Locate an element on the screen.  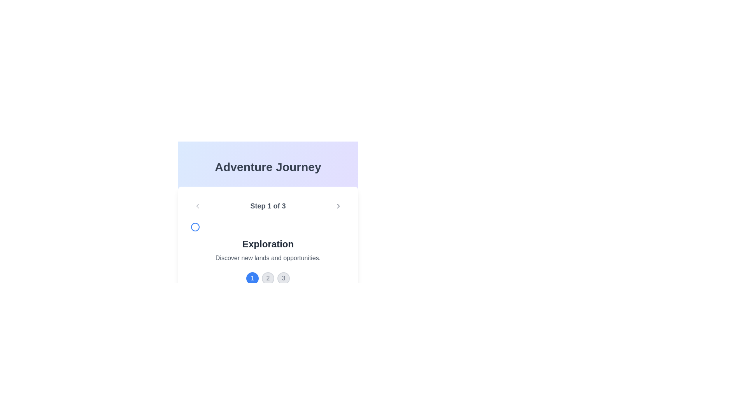
the right-pointing chevron icon embedded inside the button to observe visual feedback is located at coordinates (338, 205).